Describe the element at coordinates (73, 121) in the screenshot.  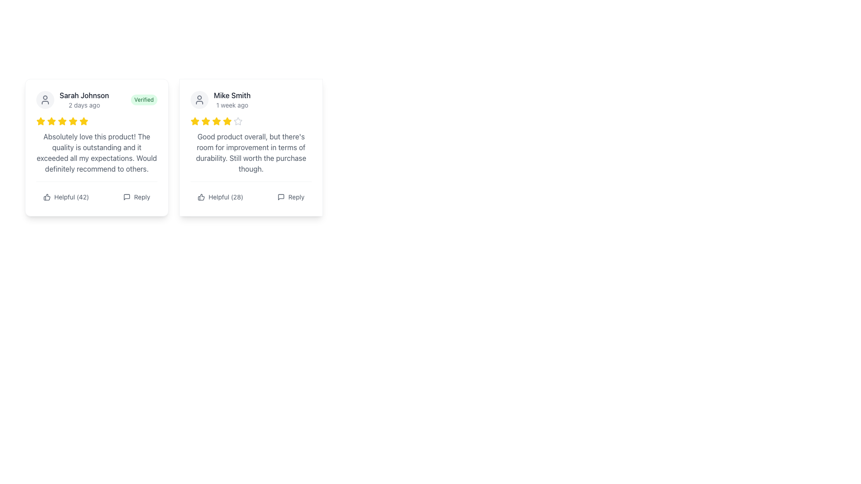
I see `the fifth star icon in the rating system located below the name 'Sarah Johnson' and her review` at that location.